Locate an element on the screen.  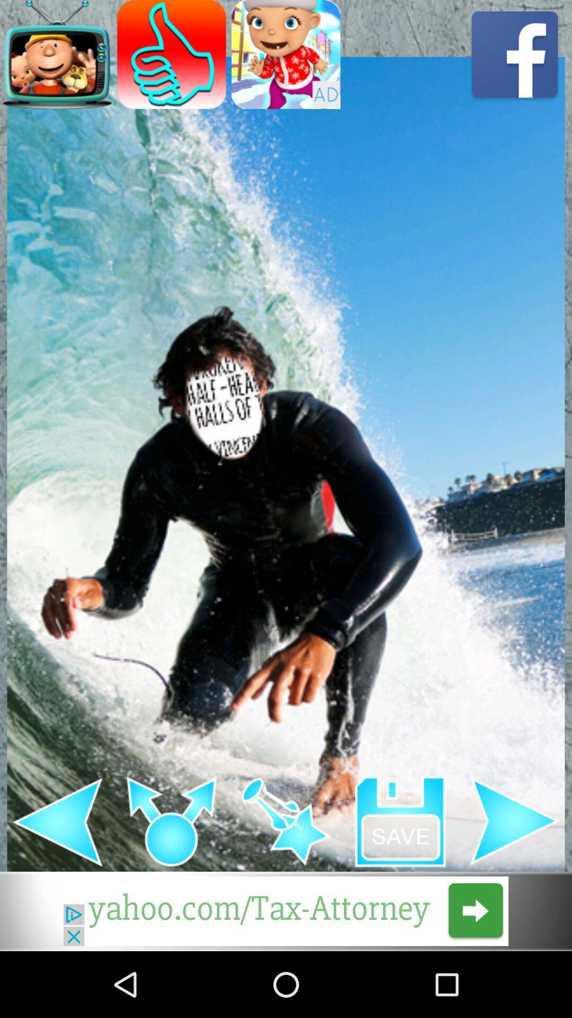
save is located at coordinates (400, 821).